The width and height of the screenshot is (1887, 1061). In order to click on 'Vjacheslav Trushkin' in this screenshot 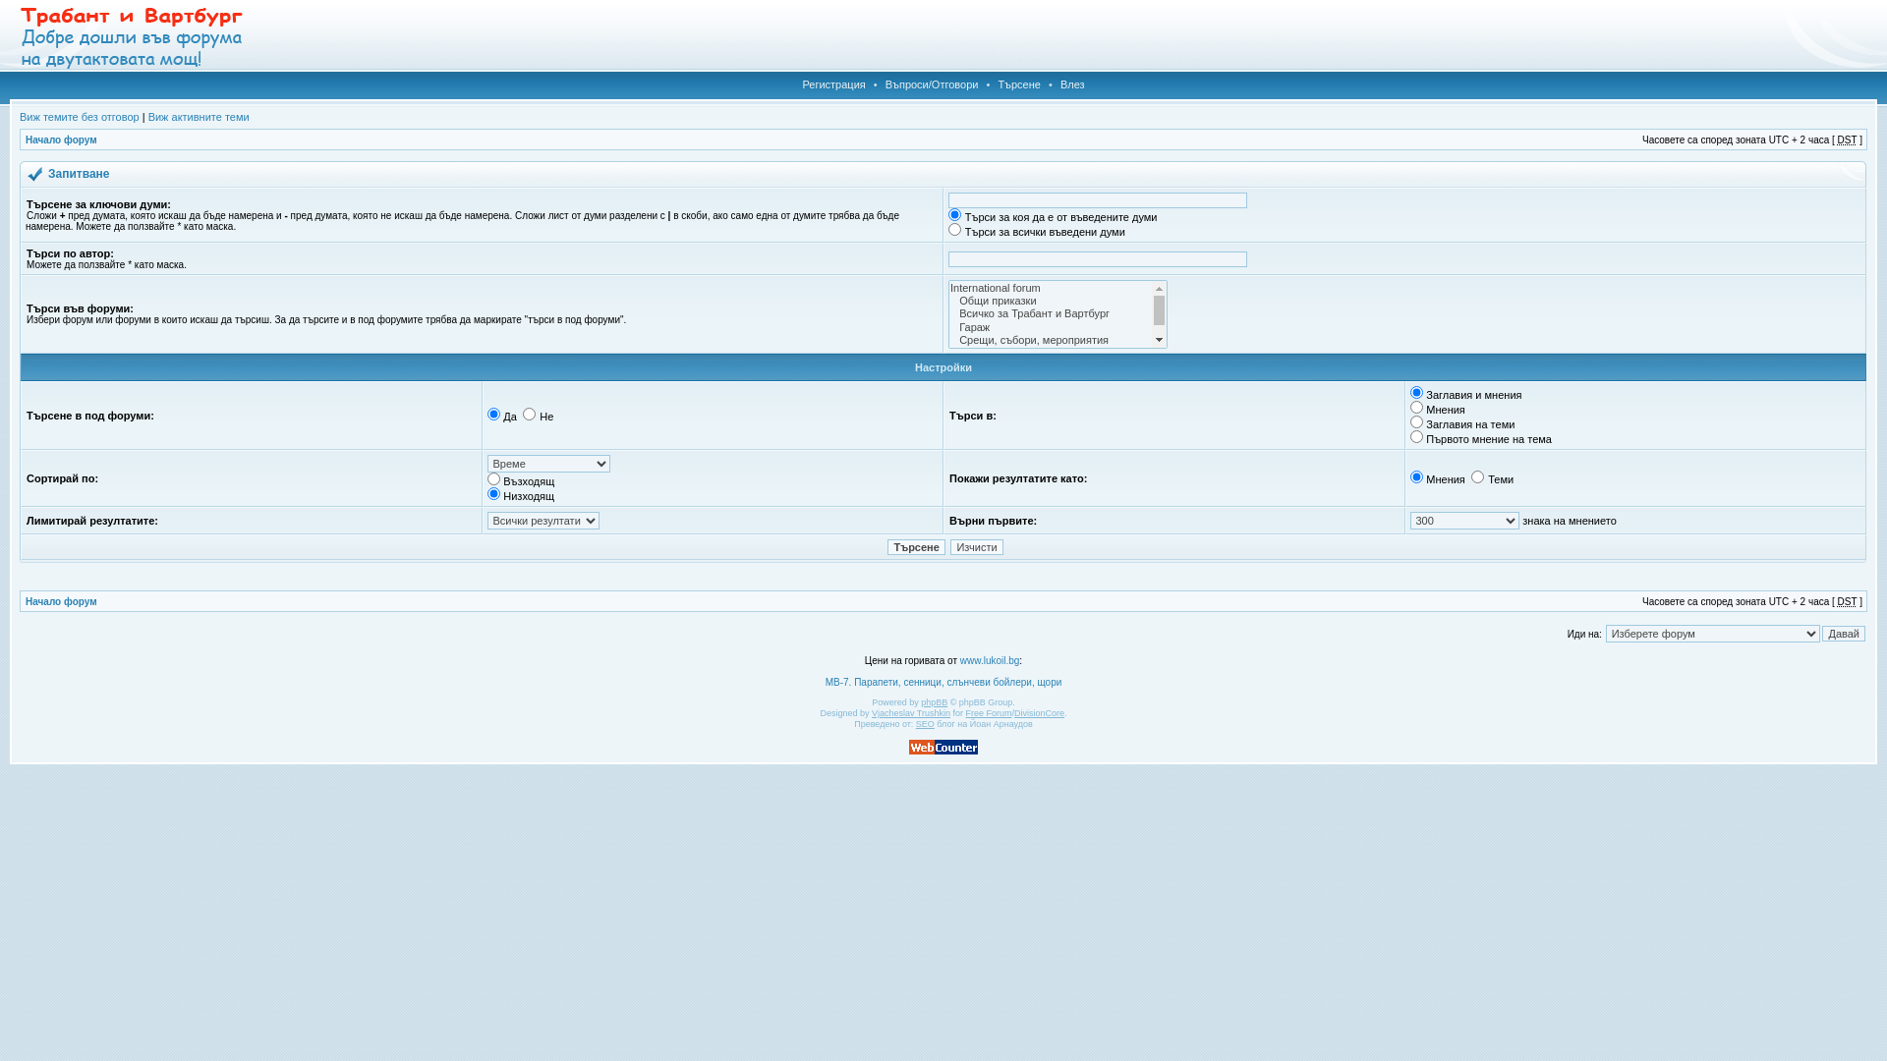, I will do `click(909, 712)`.